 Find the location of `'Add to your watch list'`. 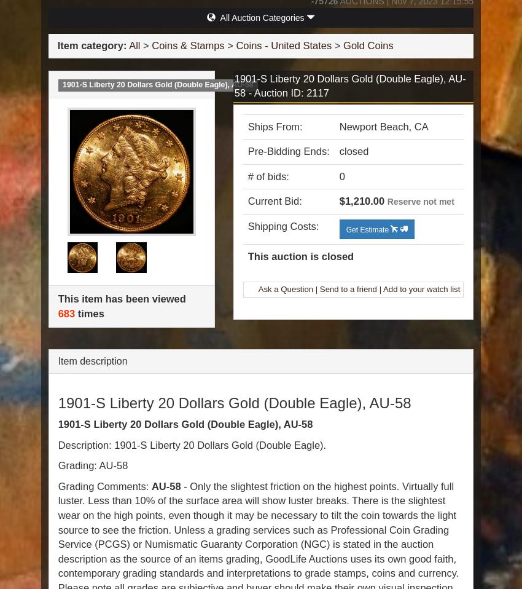

'Add to your watch list' is located at coordinates (382, 288).